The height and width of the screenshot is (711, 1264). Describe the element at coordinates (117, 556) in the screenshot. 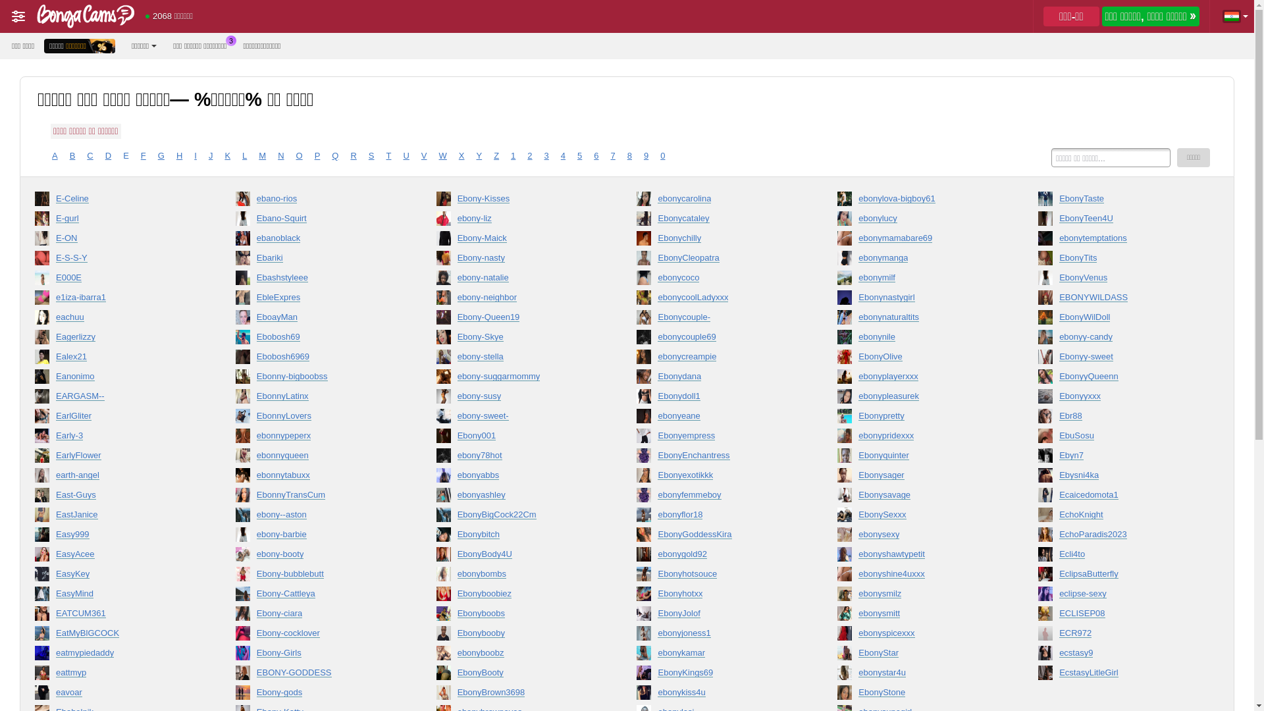

I see `'EasyAcee'` at that location.